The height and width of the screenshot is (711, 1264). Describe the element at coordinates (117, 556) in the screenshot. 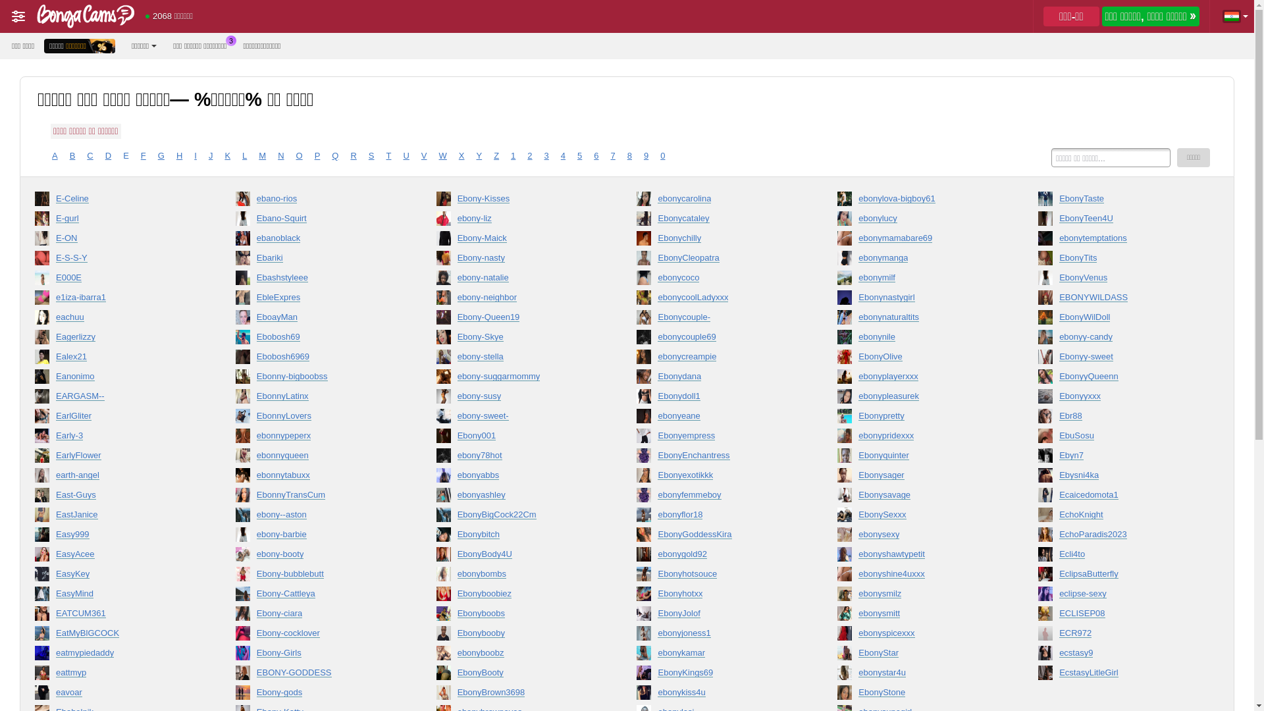

I see `'EasyAcee'` at that location.